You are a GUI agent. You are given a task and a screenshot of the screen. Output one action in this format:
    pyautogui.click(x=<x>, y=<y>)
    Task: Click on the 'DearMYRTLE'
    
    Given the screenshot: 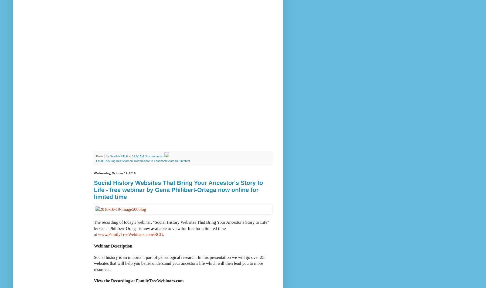 What is the action you would take?
    pyautogui.click(x=118, y=156)
    